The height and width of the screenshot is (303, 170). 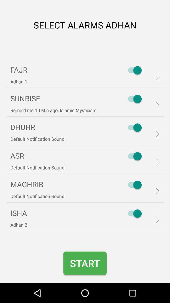 What do you see at coordinates (133, 99) in the screenshot?
I see `sound switch option` at bounding box center [133, 99].